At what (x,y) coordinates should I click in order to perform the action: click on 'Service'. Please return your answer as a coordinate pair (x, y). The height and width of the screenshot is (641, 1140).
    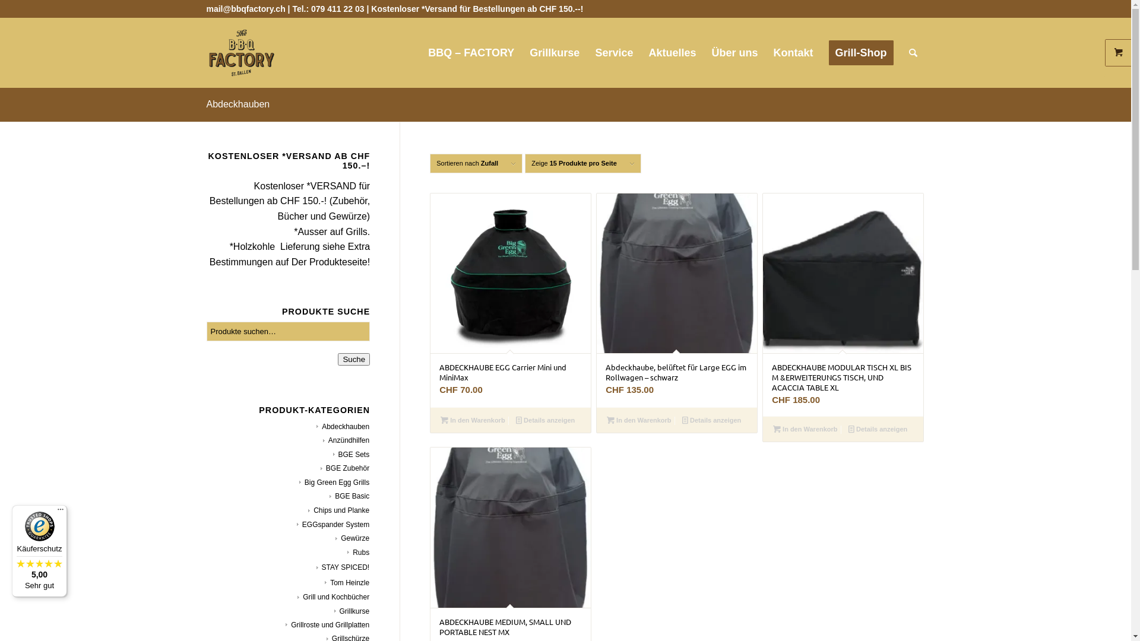
    Looking at the image, I should click on (613, 52).